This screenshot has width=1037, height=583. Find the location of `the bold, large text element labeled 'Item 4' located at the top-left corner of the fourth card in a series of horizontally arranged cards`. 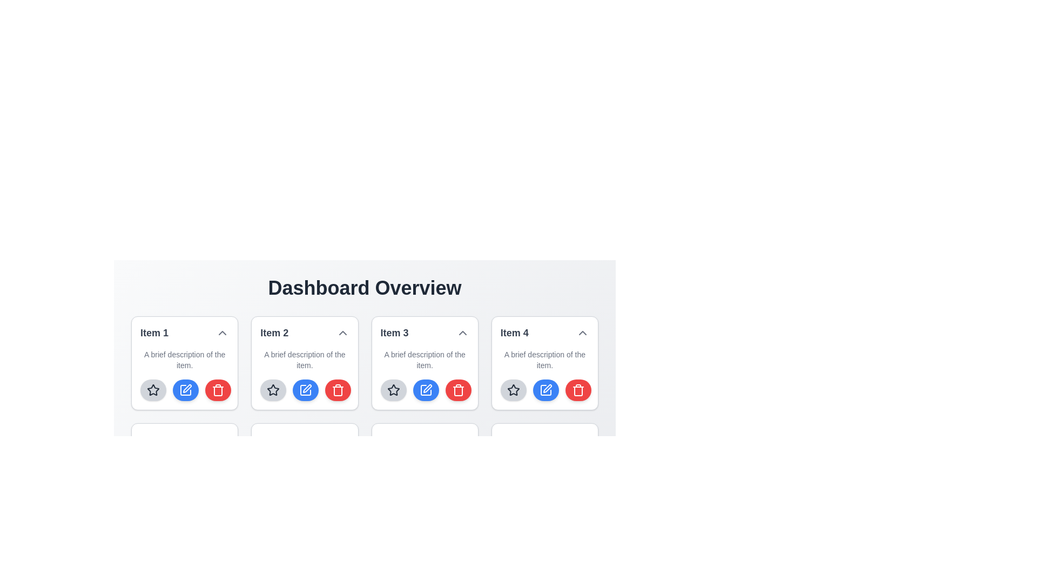

the bold, large text element labeled 'Item 4' located at the top-left corner of the fourth card in a series of horizontally arranged cards is located at coordinates (514, 333).